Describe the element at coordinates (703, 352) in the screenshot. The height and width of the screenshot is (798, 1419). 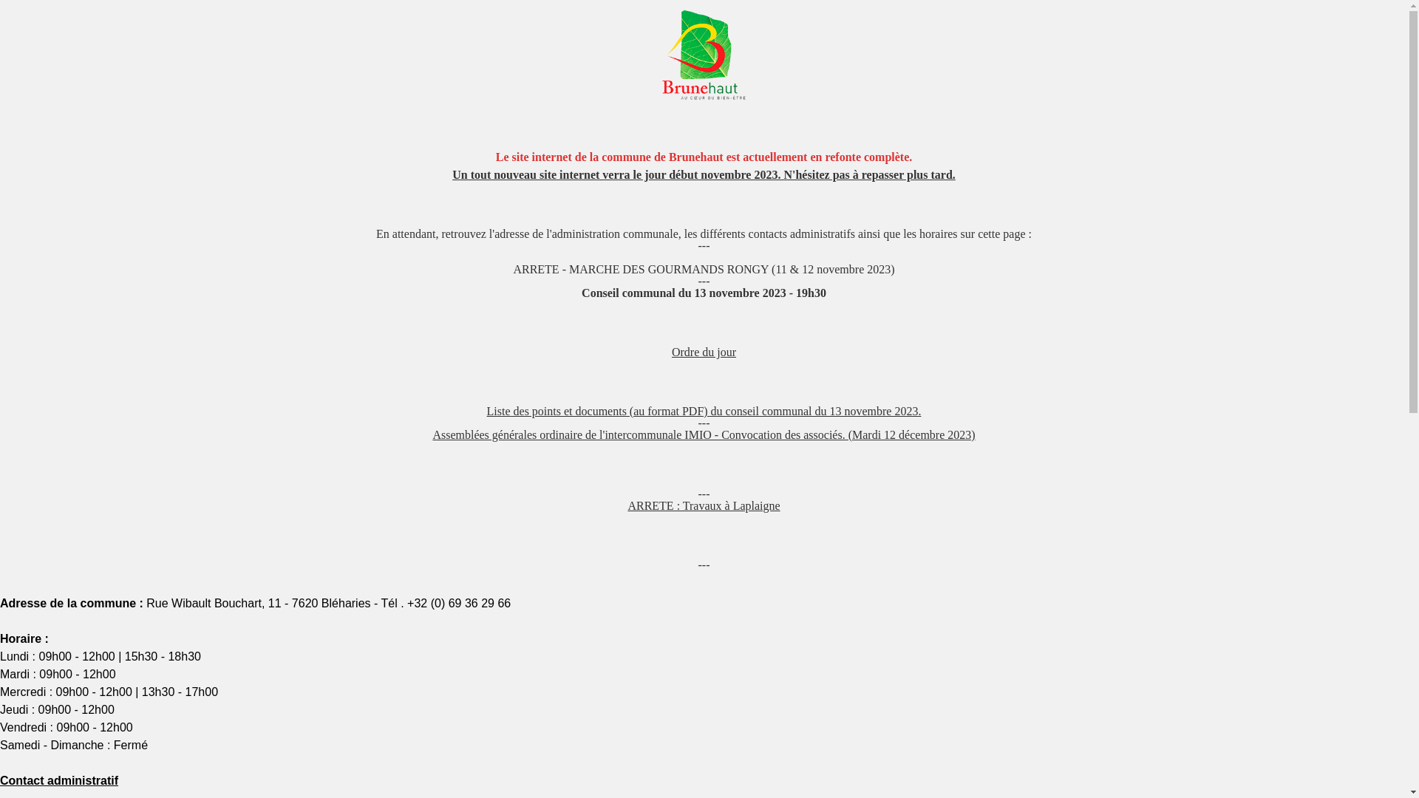
I see `'Ordre du jour'` at that location.